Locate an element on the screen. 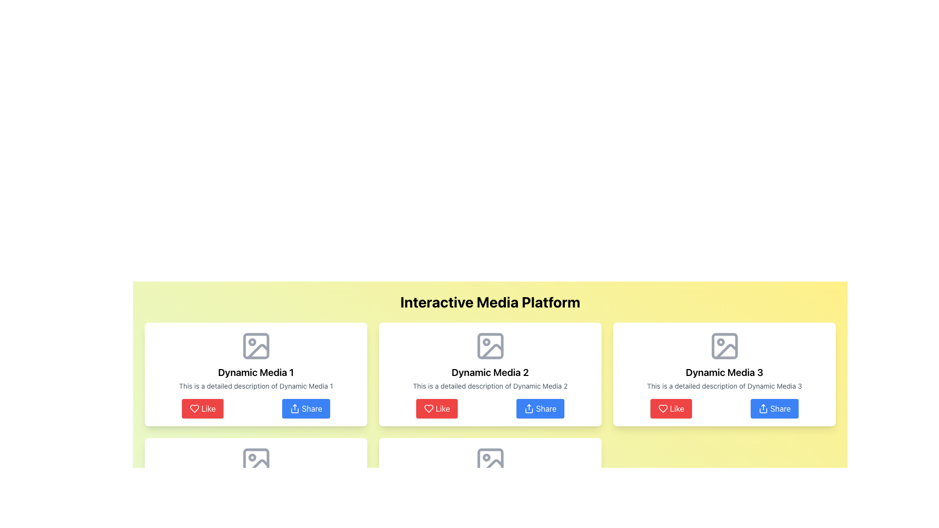 This screenshot has width=939, height=528. the heart icon within the 'Like' button to express liking the associated media for 'Dynamic Media 3.' is located at coordinates (663, 409).